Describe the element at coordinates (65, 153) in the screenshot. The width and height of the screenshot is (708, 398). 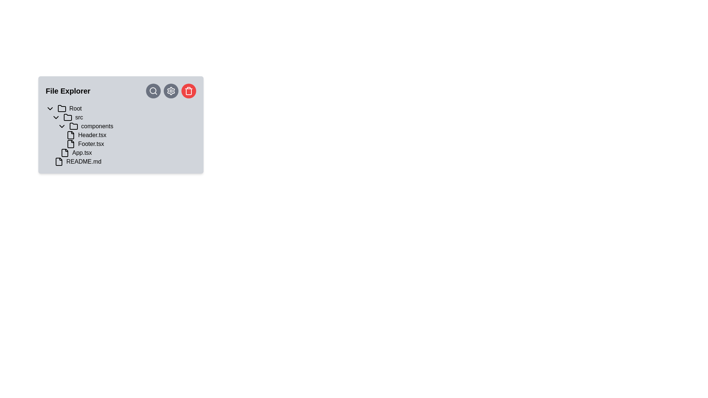
I see `the primary body of the 'App.tsx' file icon located under the 'src' directory in the file explorer interface` at that location.